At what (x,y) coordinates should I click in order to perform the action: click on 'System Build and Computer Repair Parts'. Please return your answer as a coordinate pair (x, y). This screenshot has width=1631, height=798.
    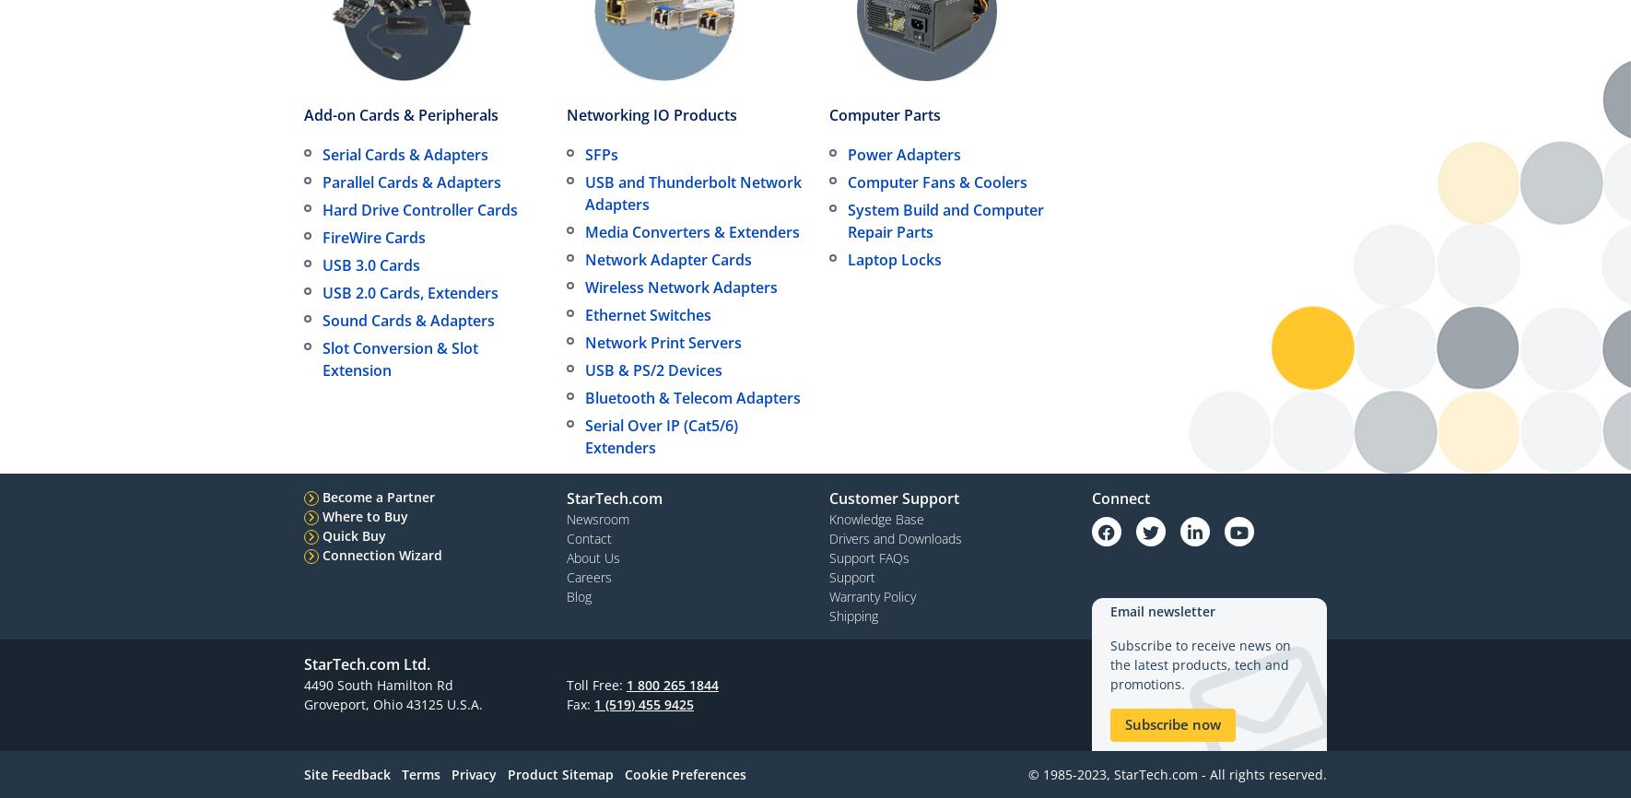
    Looking at the image, I should click on (945, 219).